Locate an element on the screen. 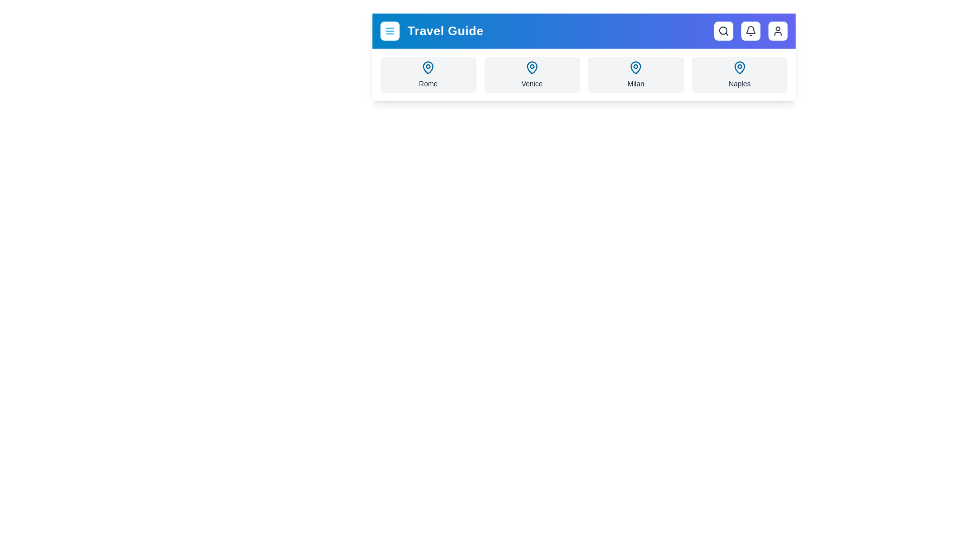 Image resolution: width=965 pixels, height=542 pixels. the bell button to view notifications is located at coordinates (750, 30).